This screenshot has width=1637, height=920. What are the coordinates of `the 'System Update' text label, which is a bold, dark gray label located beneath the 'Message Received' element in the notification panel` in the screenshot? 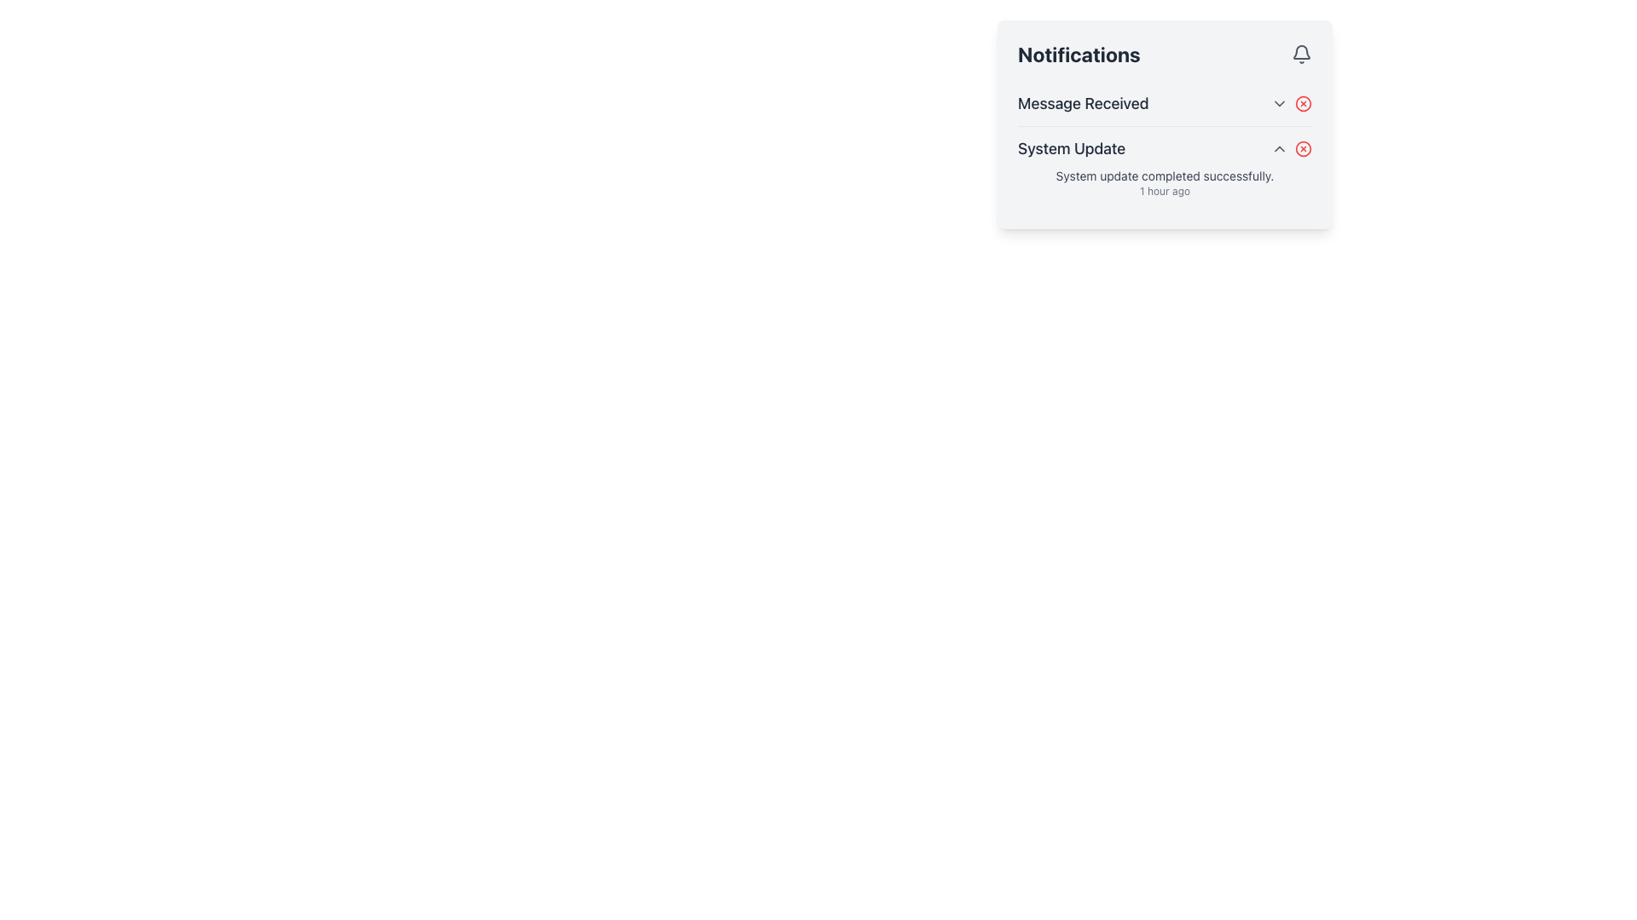 It's located at (1071, 147).